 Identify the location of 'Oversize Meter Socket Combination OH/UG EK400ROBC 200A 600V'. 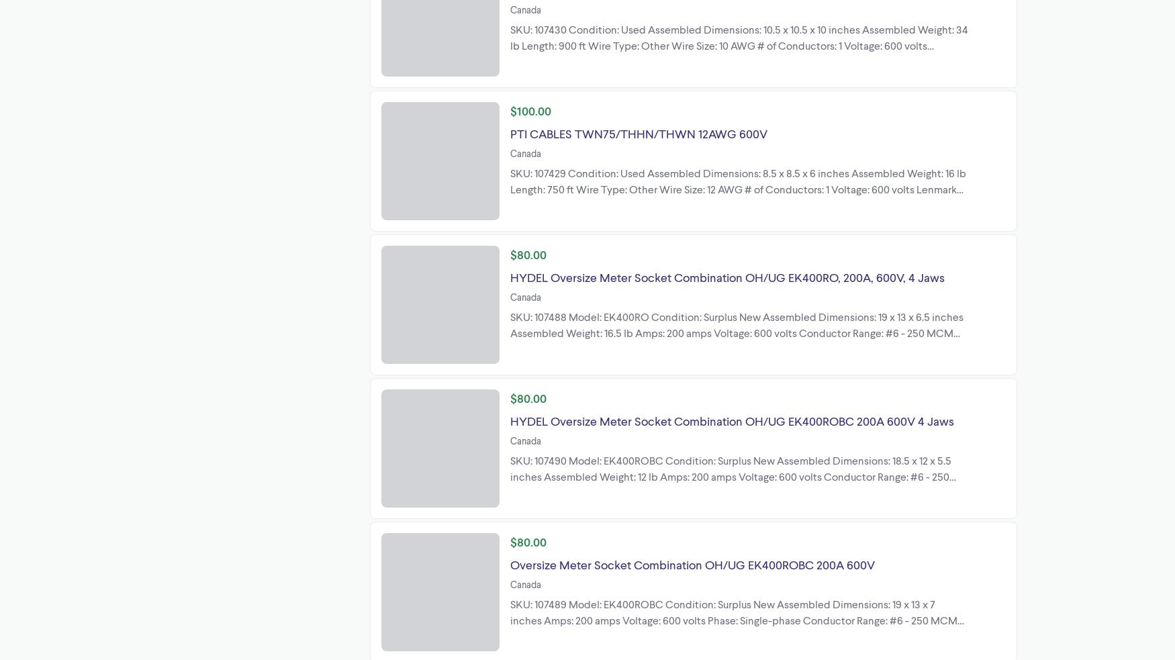
(510, 563).